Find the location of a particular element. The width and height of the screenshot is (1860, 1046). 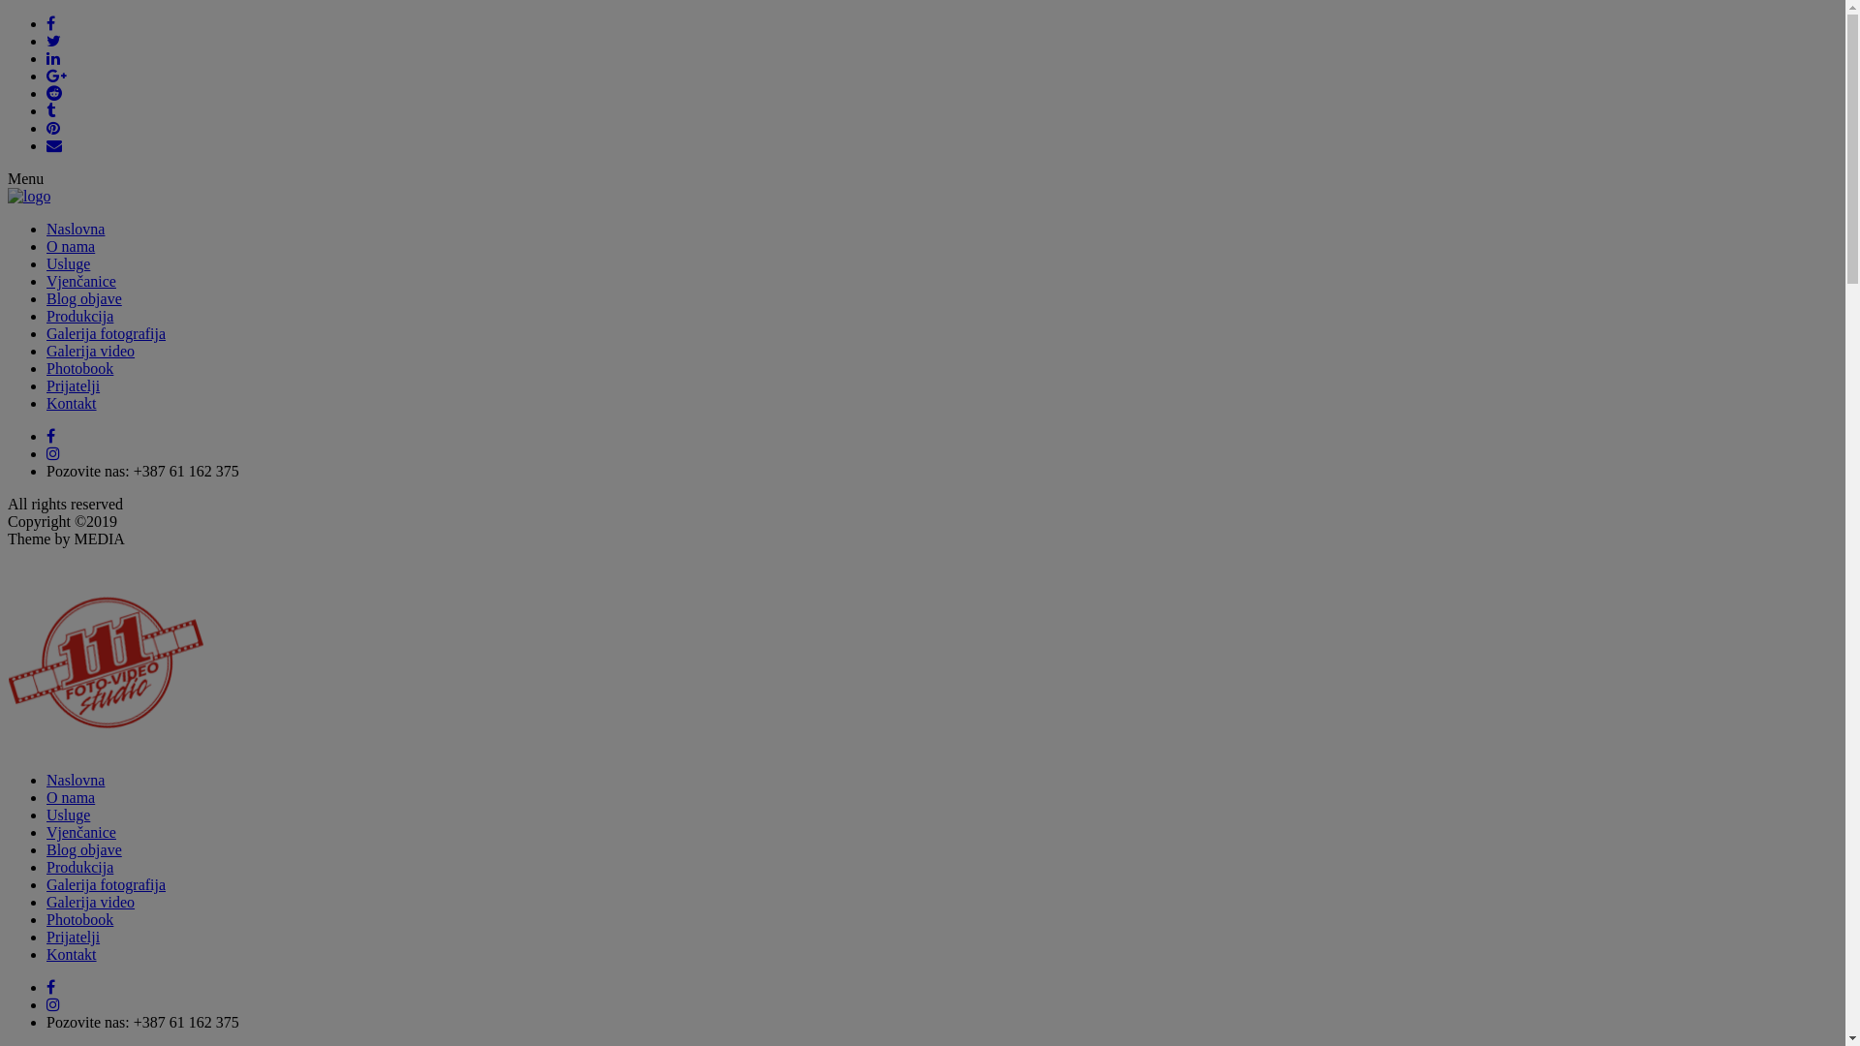

'Naslovna' is located at coordinates (75, 228).